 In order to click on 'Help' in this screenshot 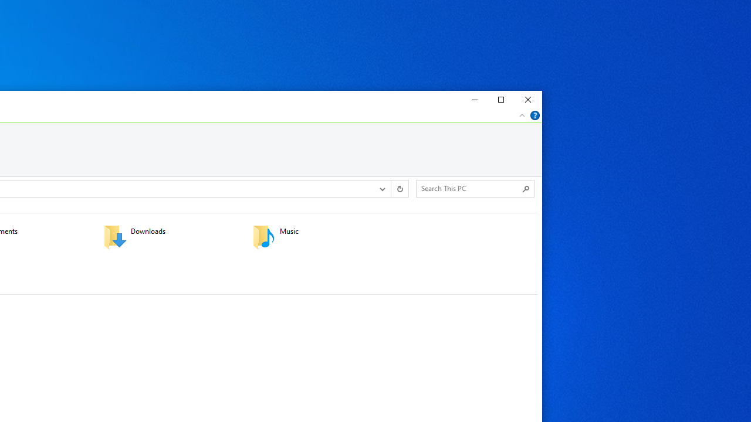, I will do `click(535, 115)`.